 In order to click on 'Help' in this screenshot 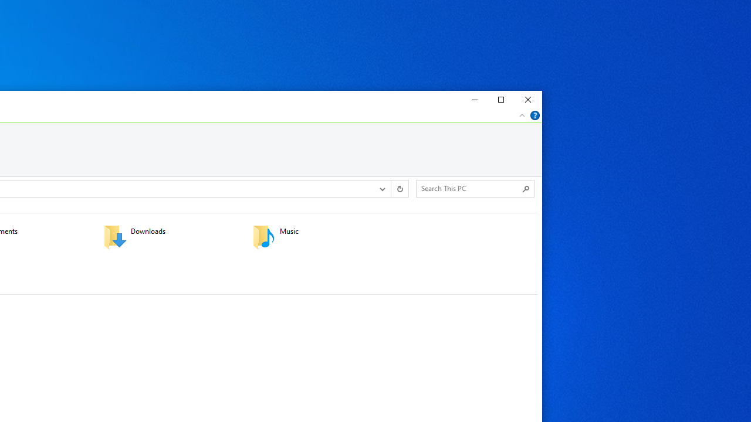, I will do `click(535, 115)`.